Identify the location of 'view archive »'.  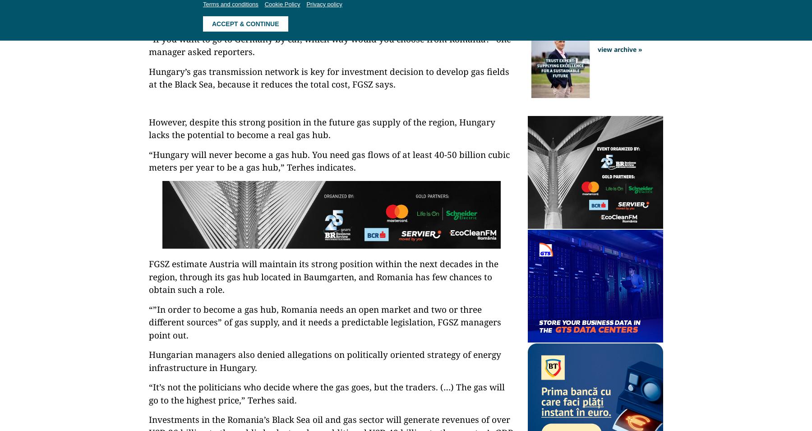
(619, 48).